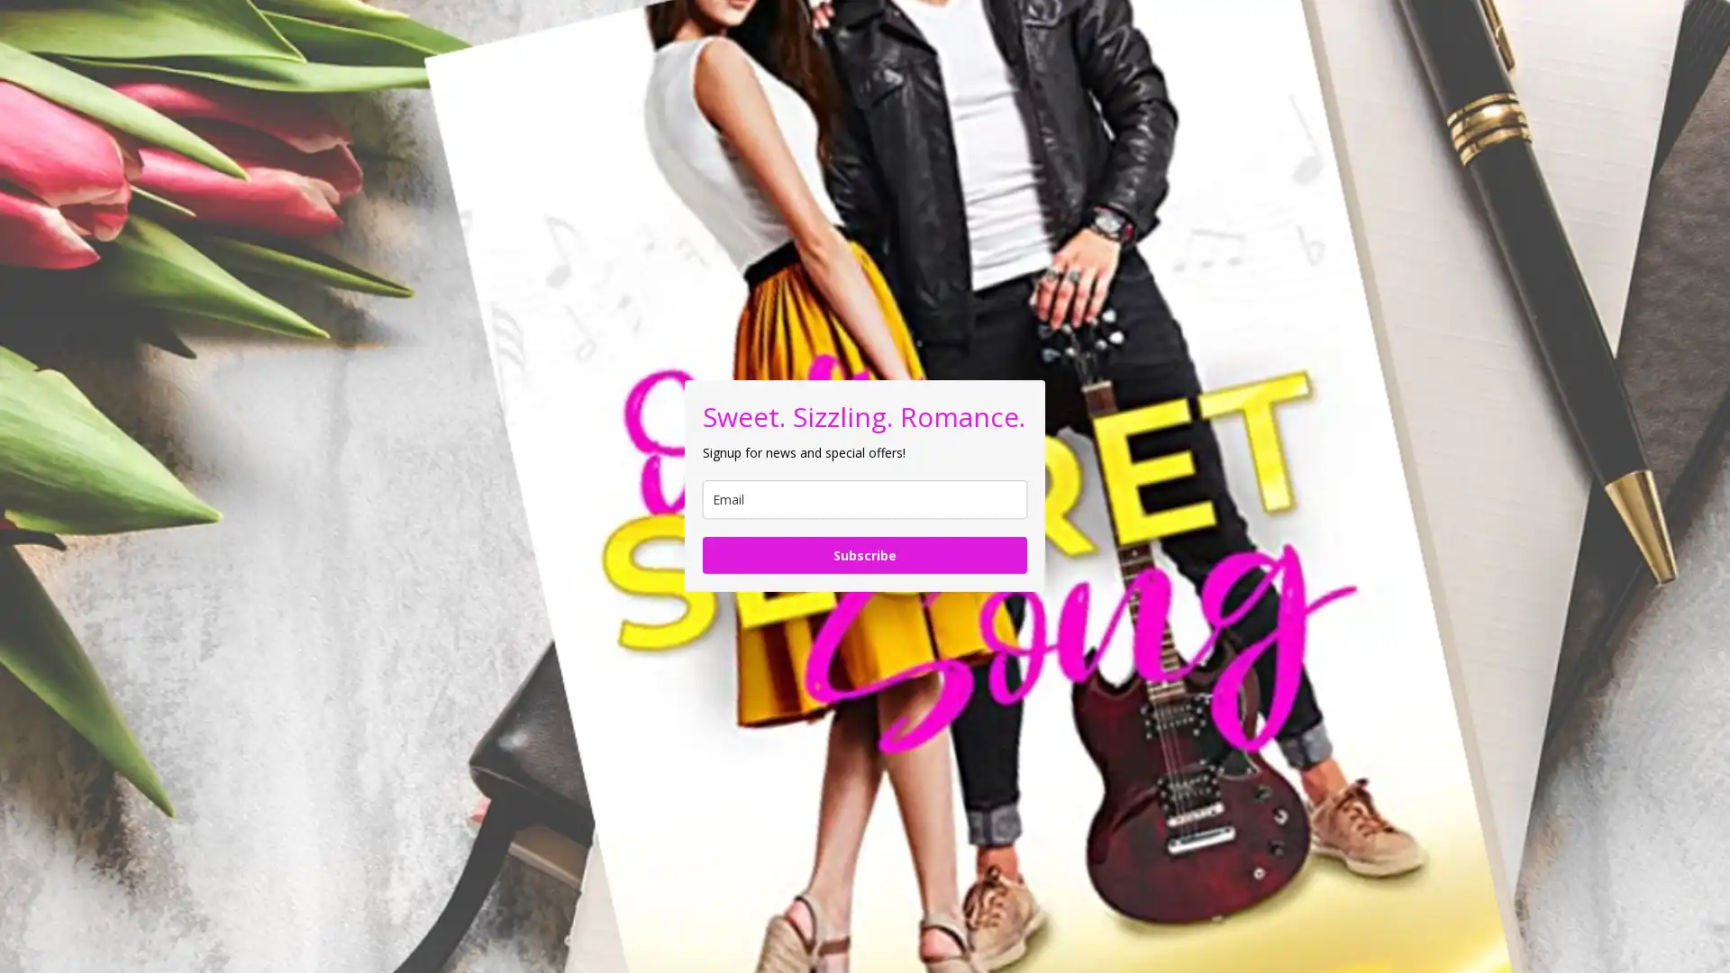 The width and height of the screenshot is (1730, 973). Describe the element at coordinates (865, 554) in the screenshot. I see `Subscribe` at that location.